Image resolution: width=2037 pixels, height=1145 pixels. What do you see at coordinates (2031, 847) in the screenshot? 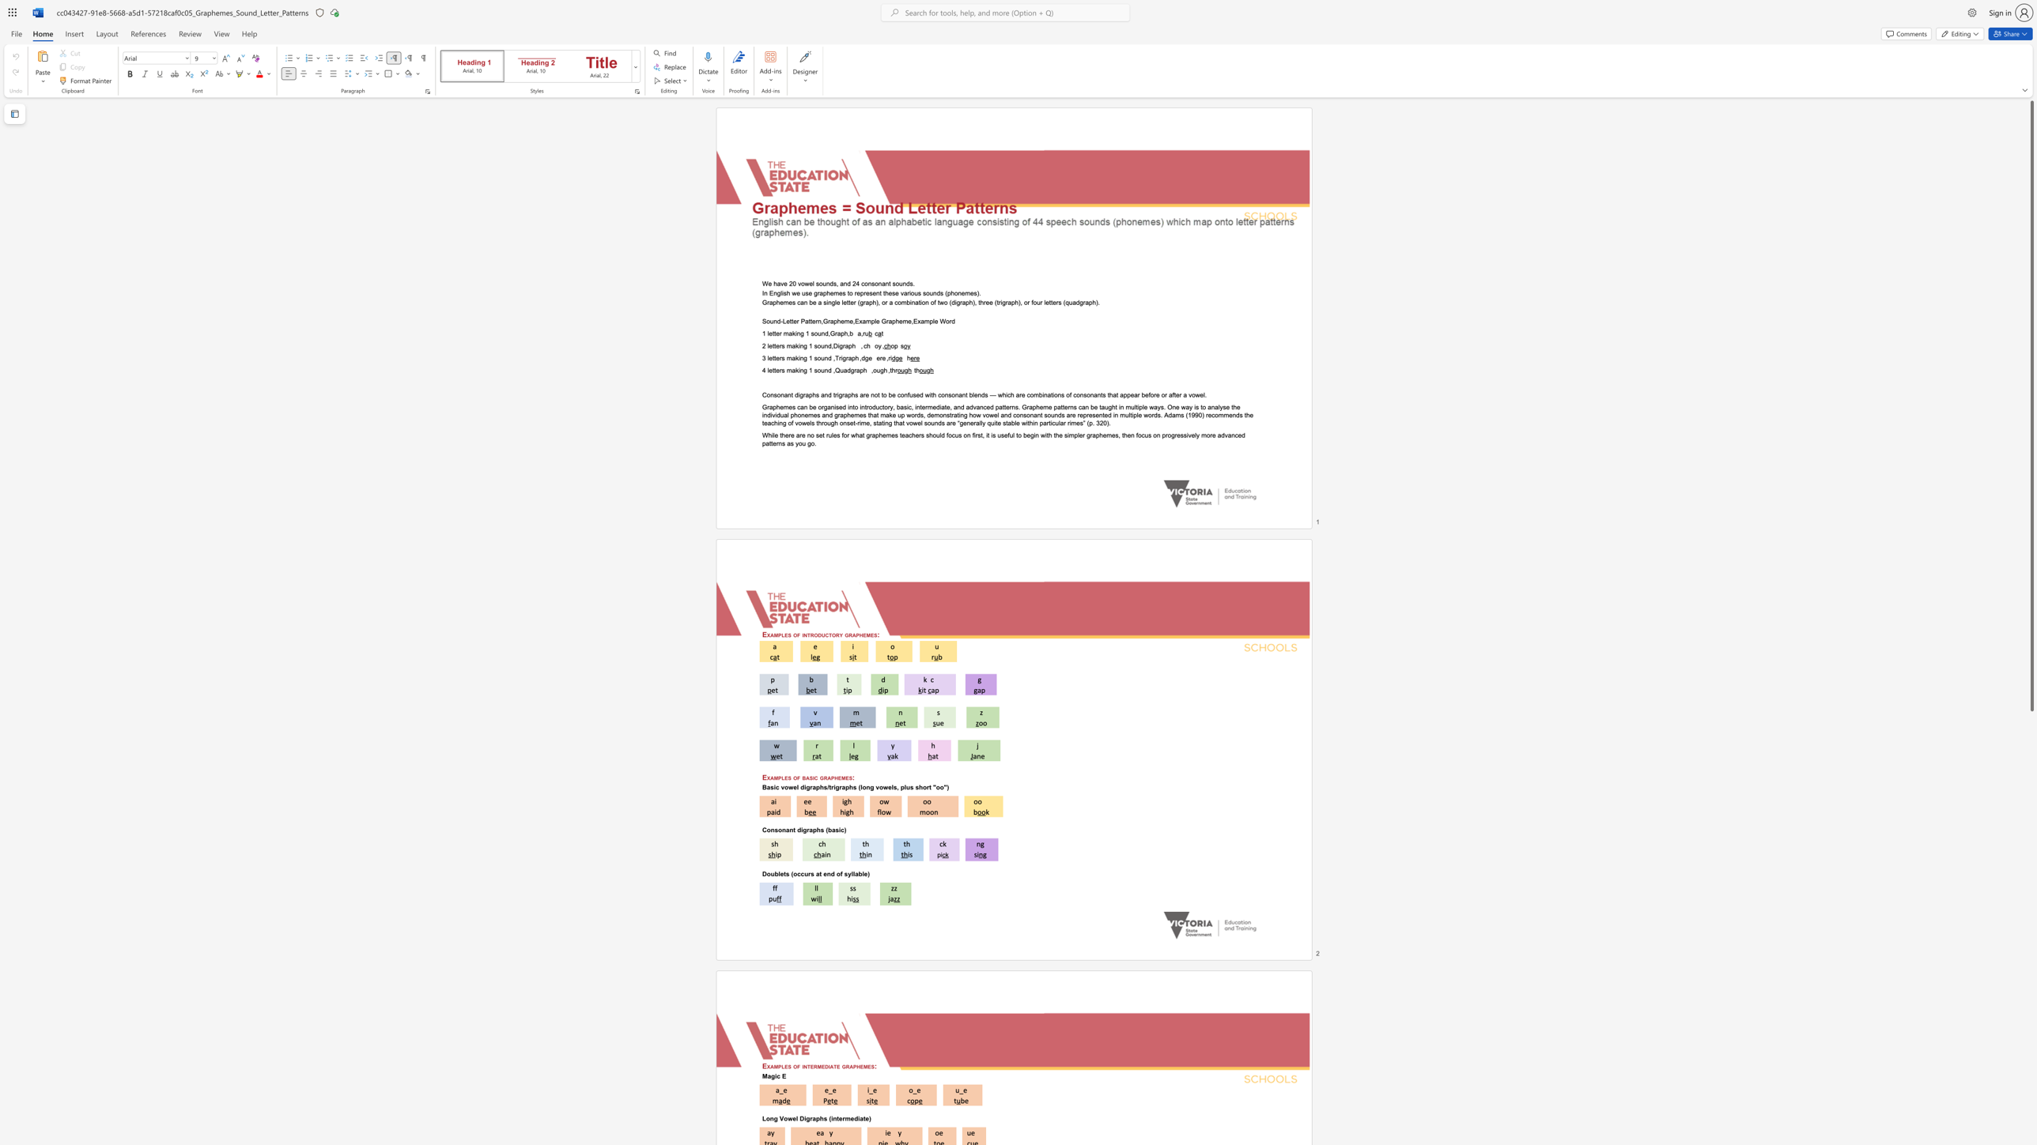
I see `the scrollbar to move the content lower` at bounding box center [2031, 847].